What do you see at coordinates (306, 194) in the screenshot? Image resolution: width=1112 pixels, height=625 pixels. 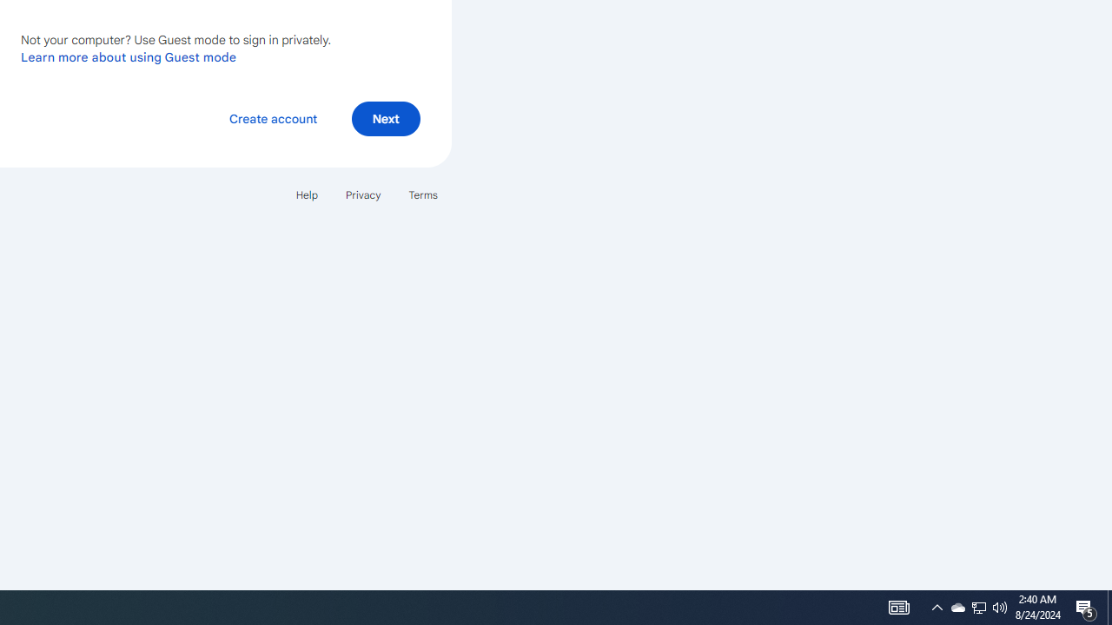 I see `'Help'` at bounding box center [306, 194].